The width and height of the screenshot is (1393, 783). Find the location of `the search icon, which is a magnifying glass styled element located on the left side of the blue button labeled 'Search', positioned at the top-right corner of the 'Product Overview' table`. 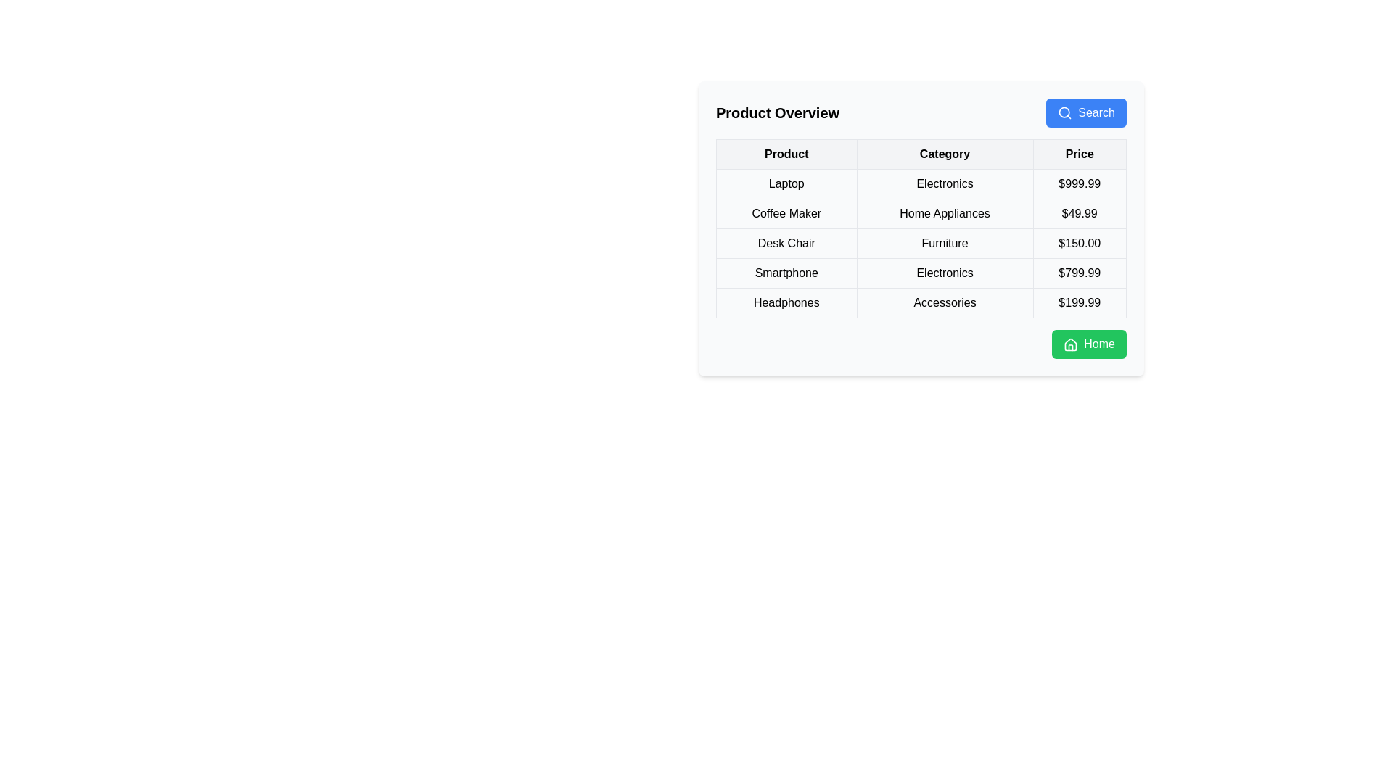

the search icon, which is a magnifying glass styled element located on the left side of the blue button labeled 'Search', positioned at the top-right corner of the 'Product Overview' table is located at coordinates (1065, 112).